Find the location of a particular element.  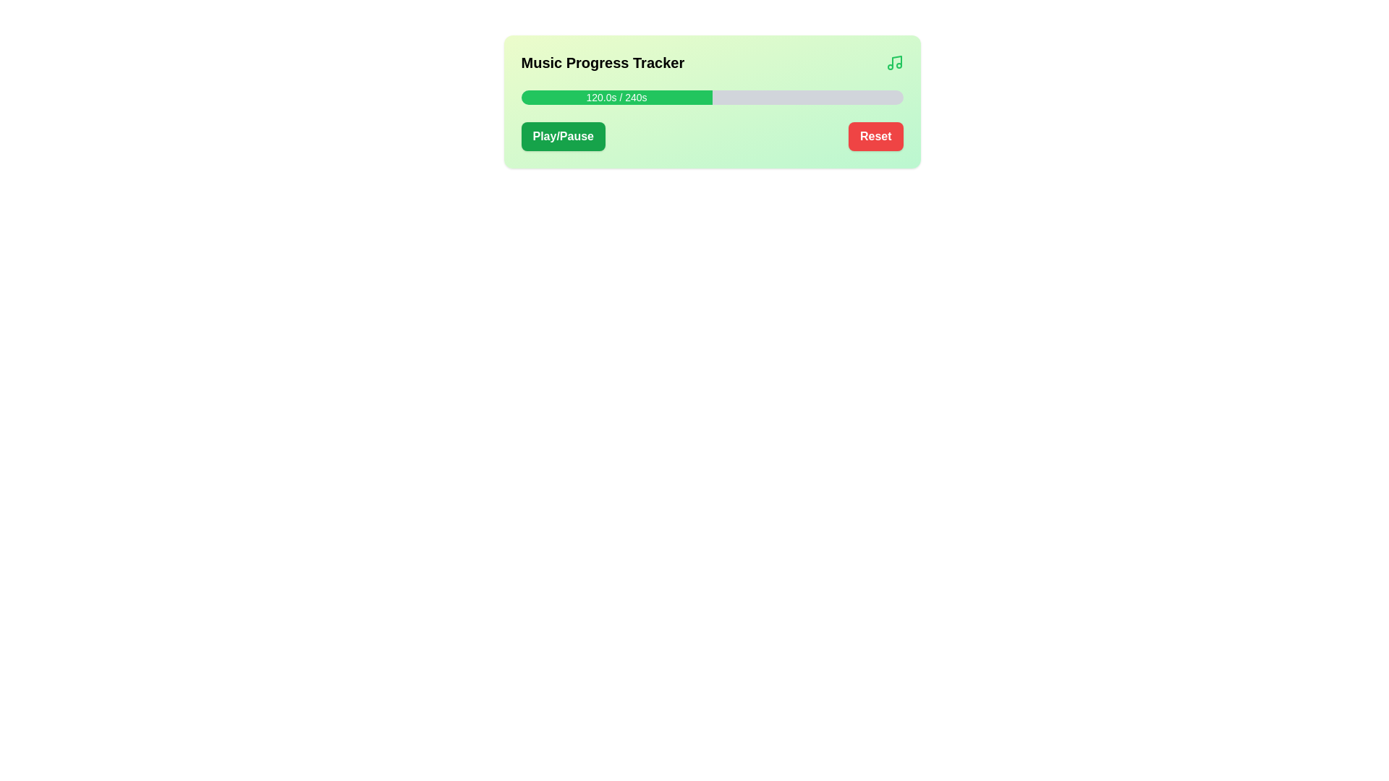

the text label reading 'Music Progress Tracker' which is styled in bold and larger font on a green gradient background is located at coordinates (603, 62).